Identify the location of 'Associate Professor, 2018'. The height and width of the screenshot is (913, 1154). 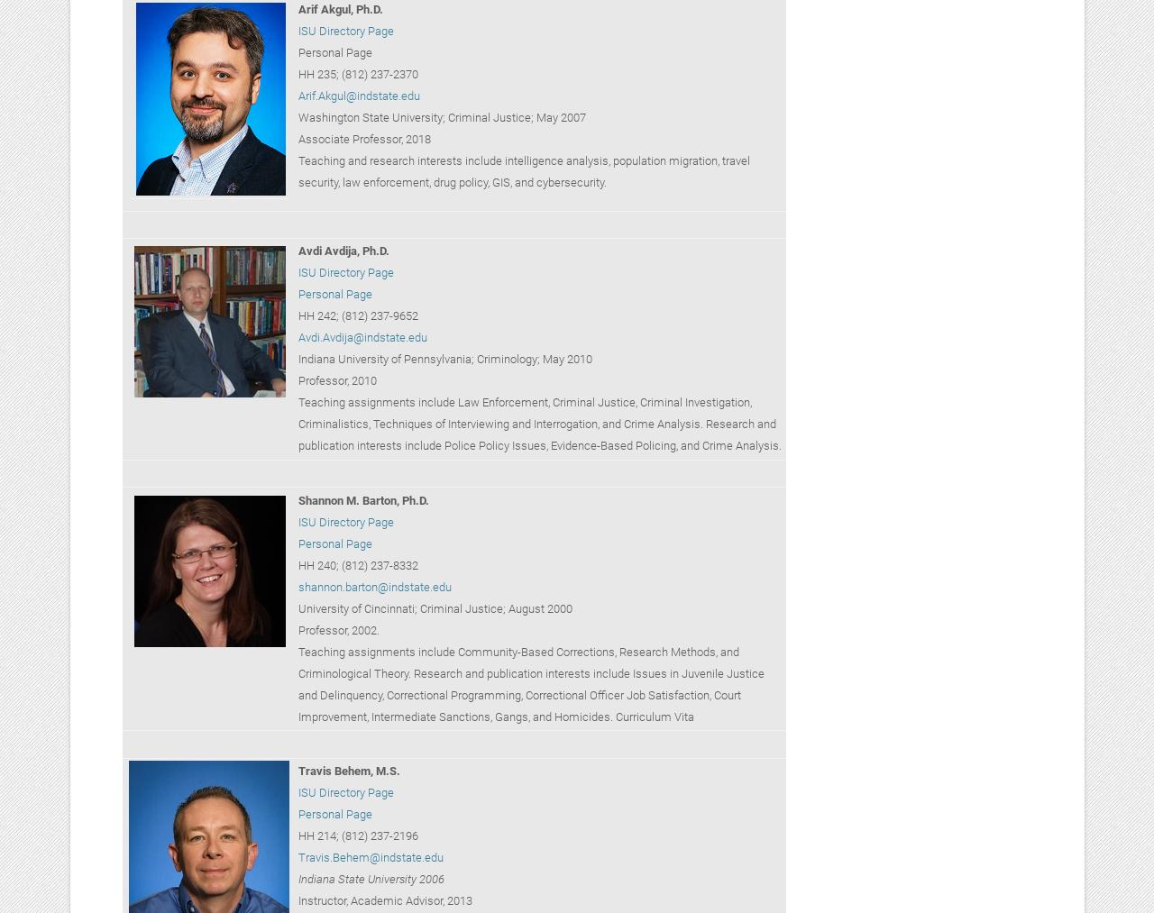
(362, 139).